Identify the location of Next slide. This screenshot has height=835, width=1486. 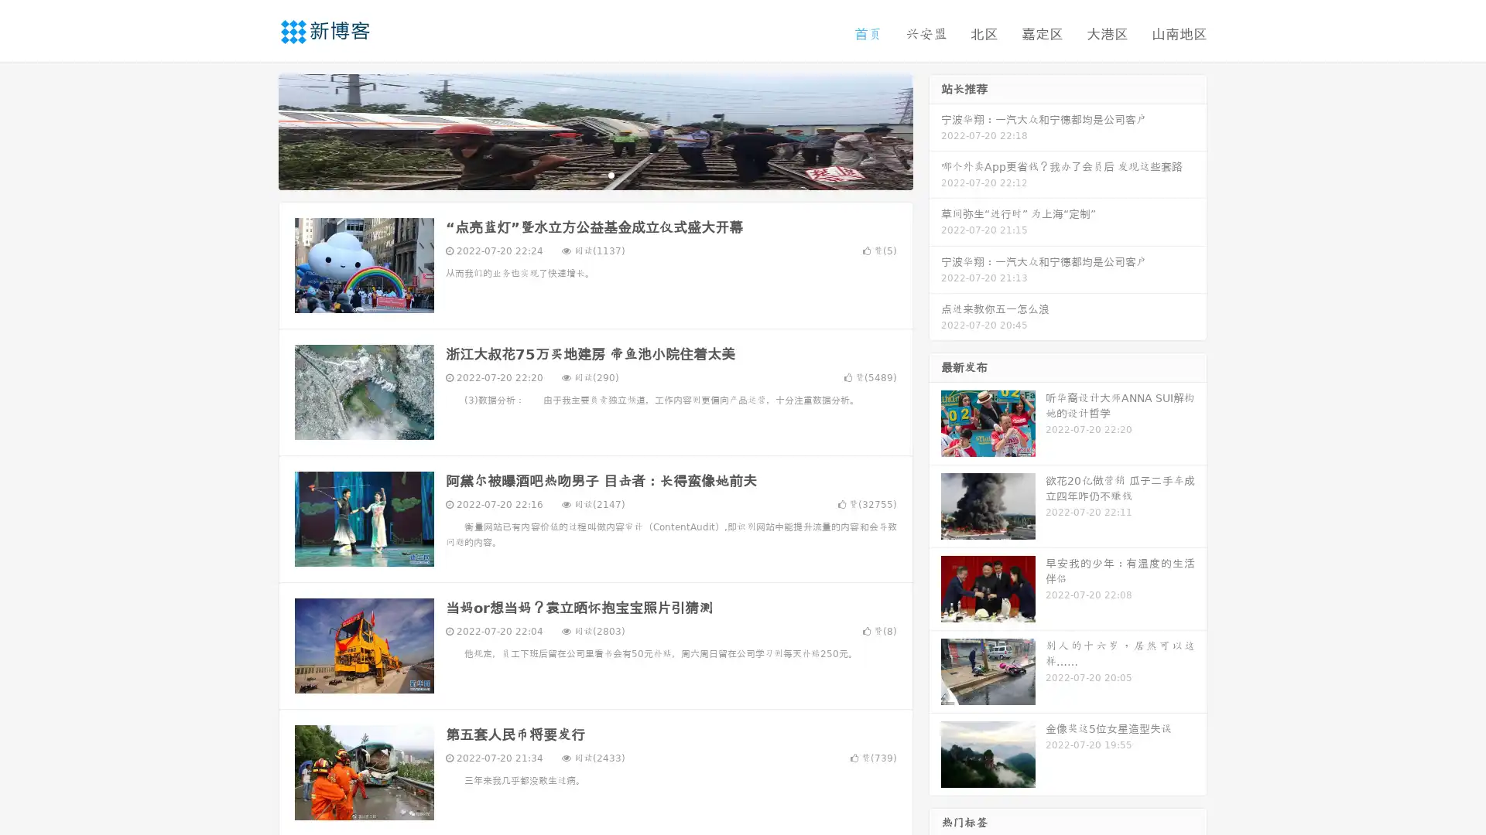
(935, 130).